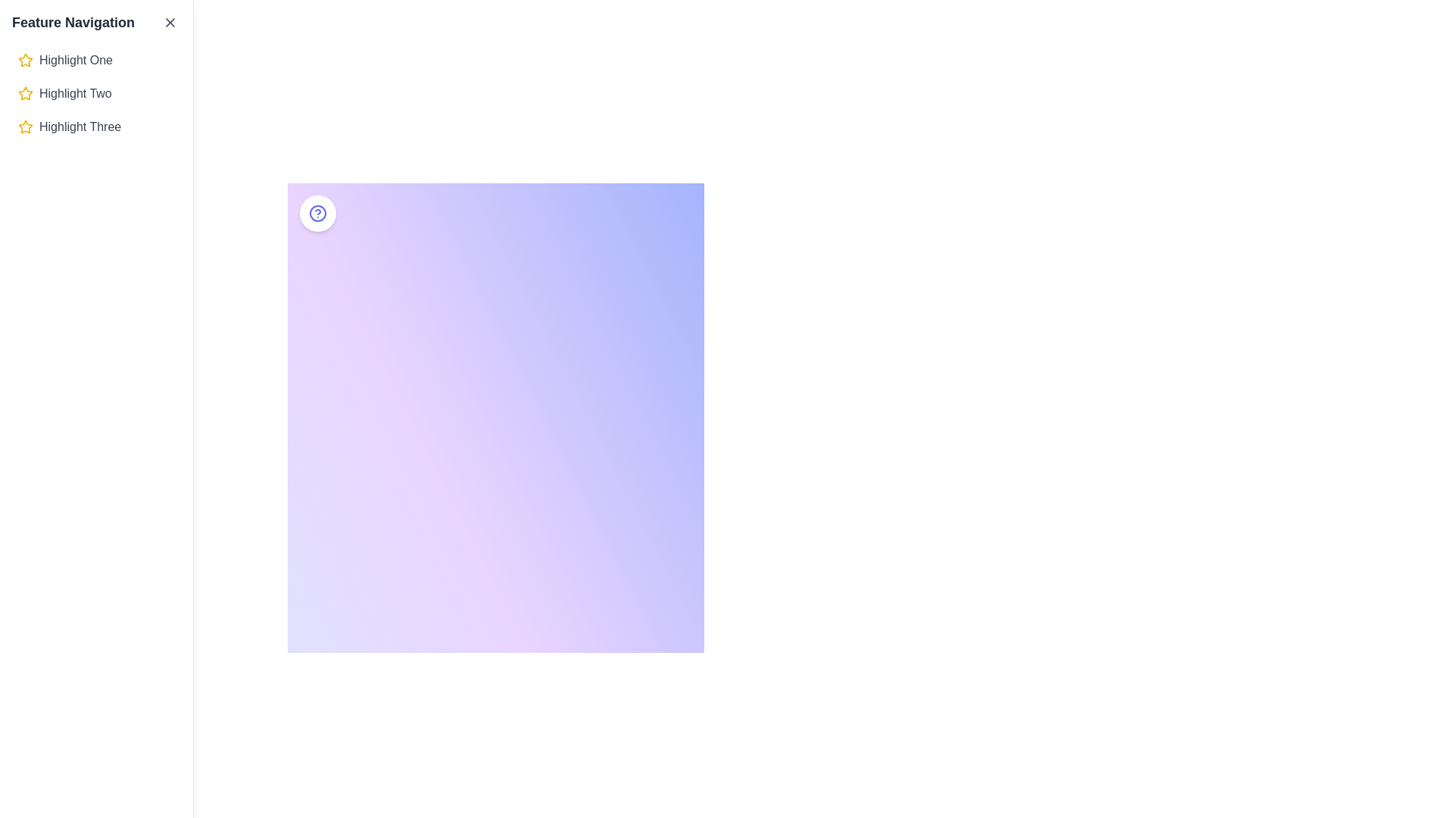 Image resolution: width=1454 pixels, height=818 pixels. I want to click on the selectable navigation option labeled 'Highlight Two', which is the second item in a vertical list within the 'Feature Navigation' sidebar, so click(95, 93).